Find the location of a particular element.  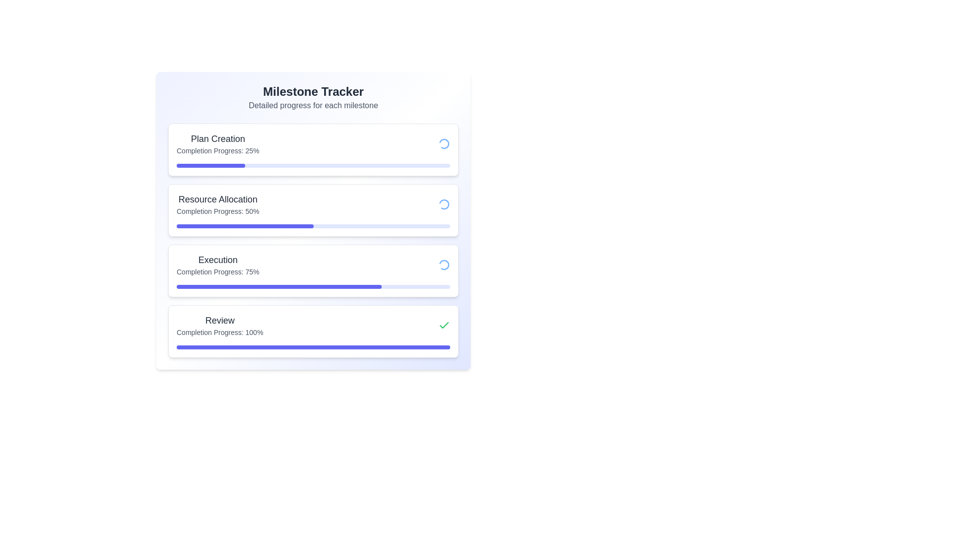

the spinning animation of the Loader Icon located in the Resource Allocation section of the milestone tracker interface, which indicates an ongoing operation is located at coordinates (443, 204).